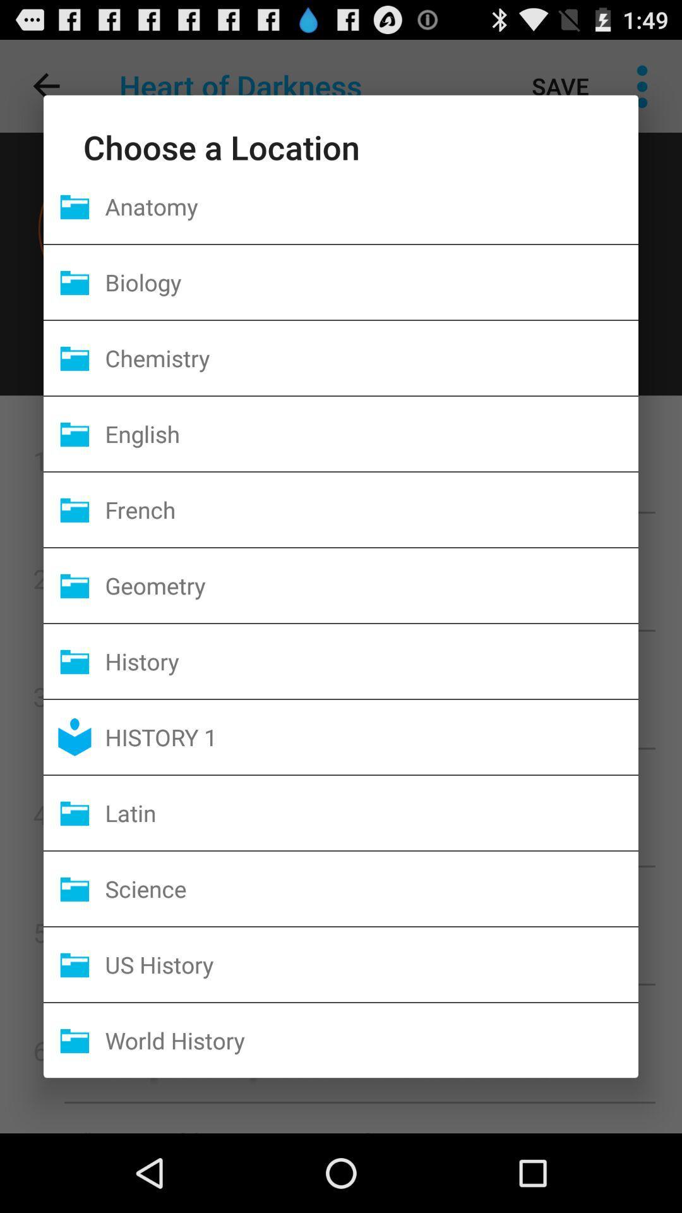 The image size is (682, 1213). I want to click on the world history, so click(371, 1040).